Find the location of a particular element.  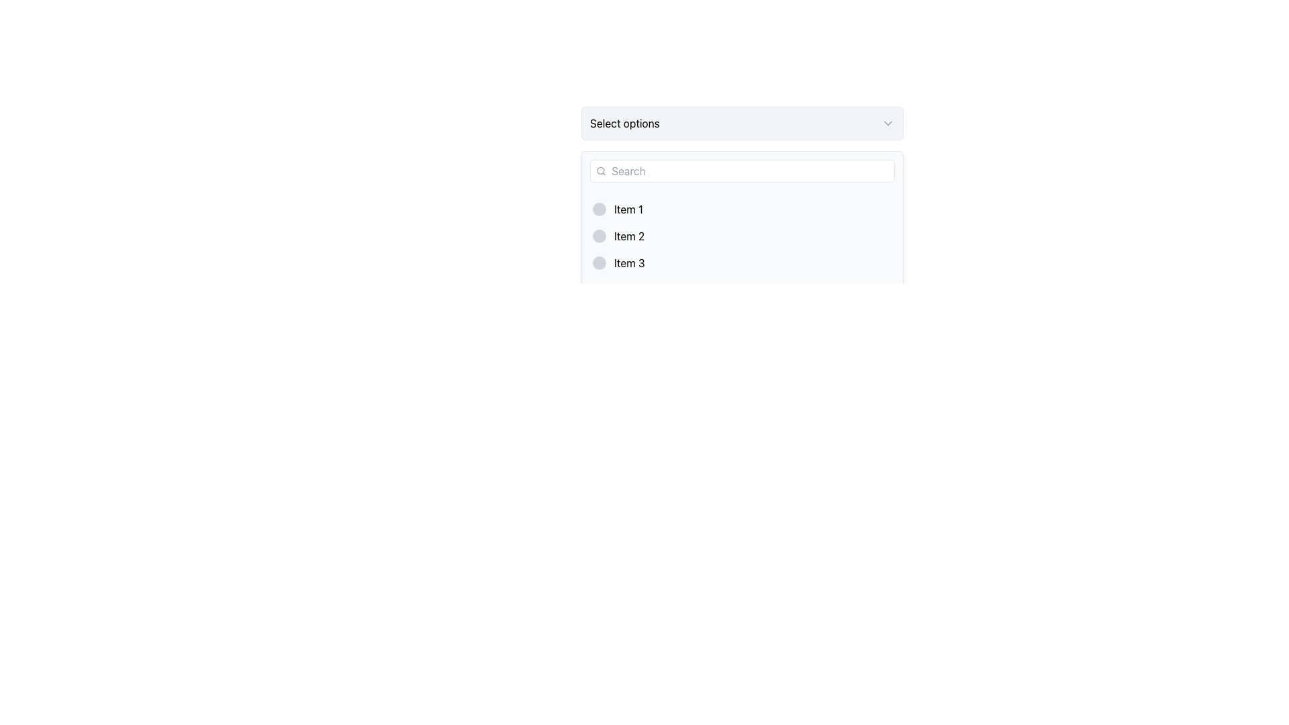

the first selectable list item labeled 'Item 1' in the dropdown menu is located at coordinates (741, 209).